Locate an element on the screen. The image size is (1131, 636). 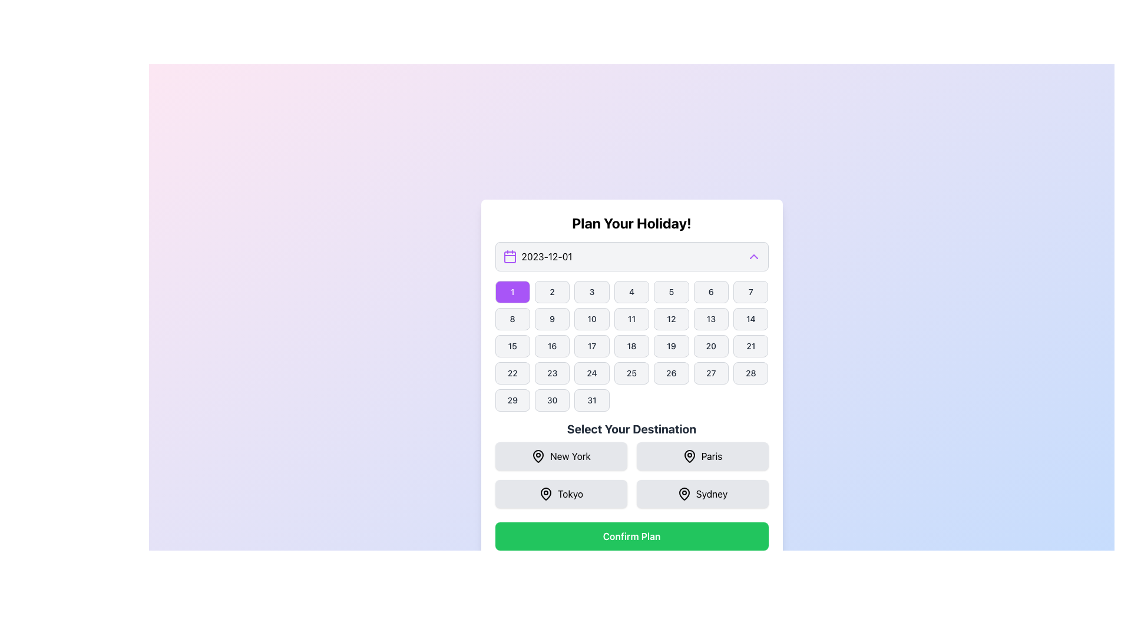
the button that selects day '4' in the date-picker interface is located at coordinates (631, 291).